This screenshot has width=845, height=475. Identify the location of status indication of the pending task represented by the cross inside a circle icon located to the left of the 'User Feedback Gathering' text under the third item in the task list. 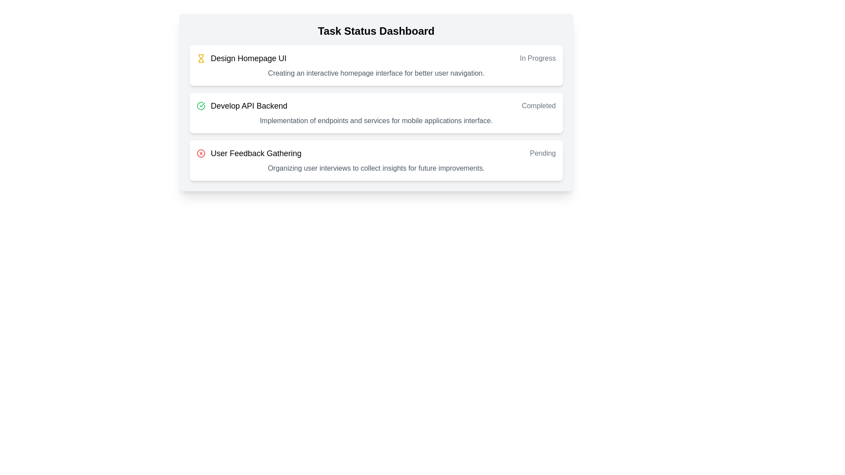
(200, 153).